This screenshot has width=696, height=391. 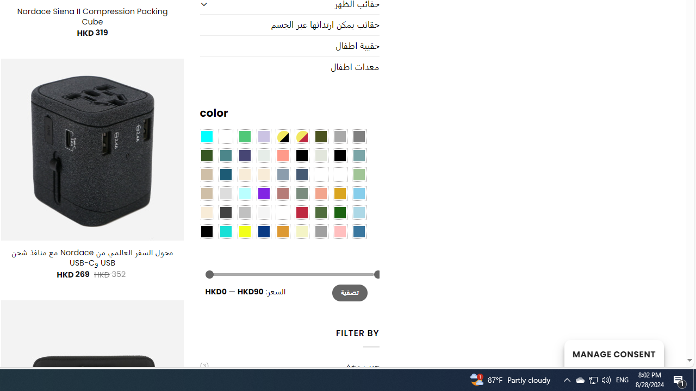 What do you see at coordinates (264, 174) in the screenshot?
I see `'Cream'` at bounding box center [264, 174].